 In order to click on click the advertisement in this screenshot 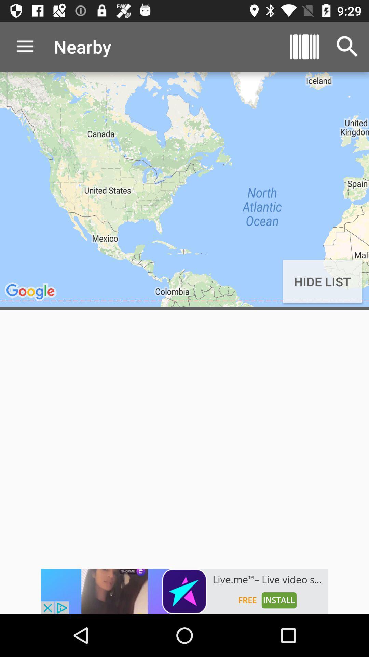, I will do `click(184, 591)`.